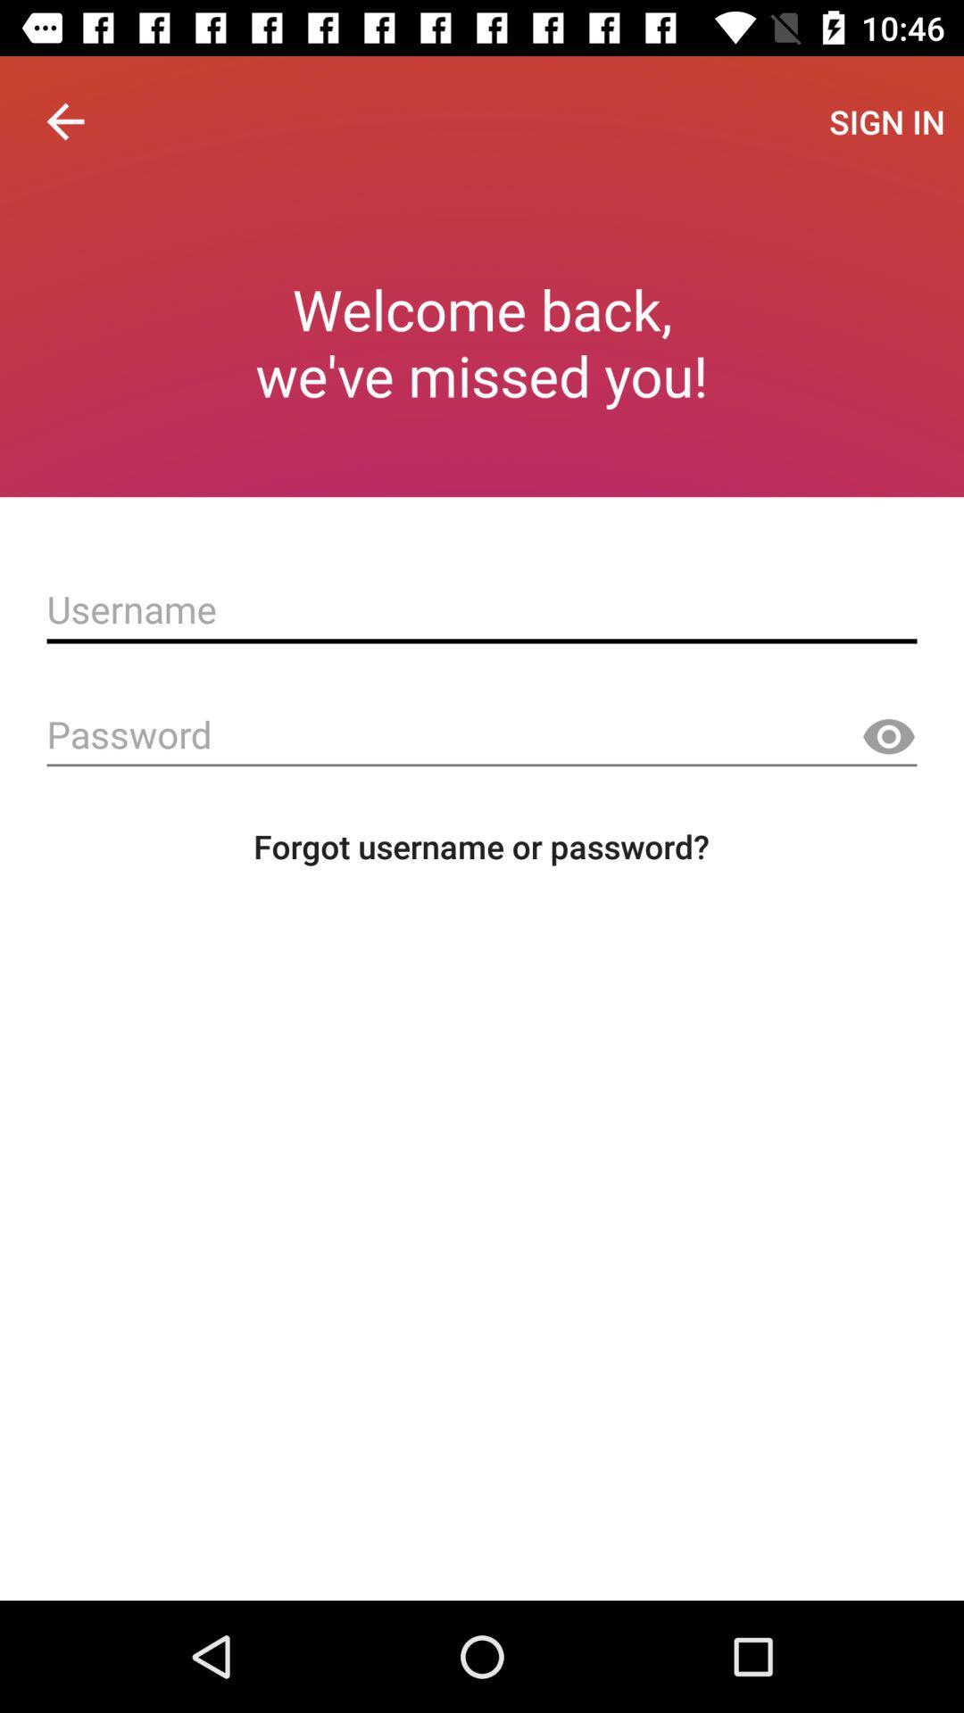 The height and width of the screenshot is (1713, 964). I want to click on for vision, so click(888, 737).